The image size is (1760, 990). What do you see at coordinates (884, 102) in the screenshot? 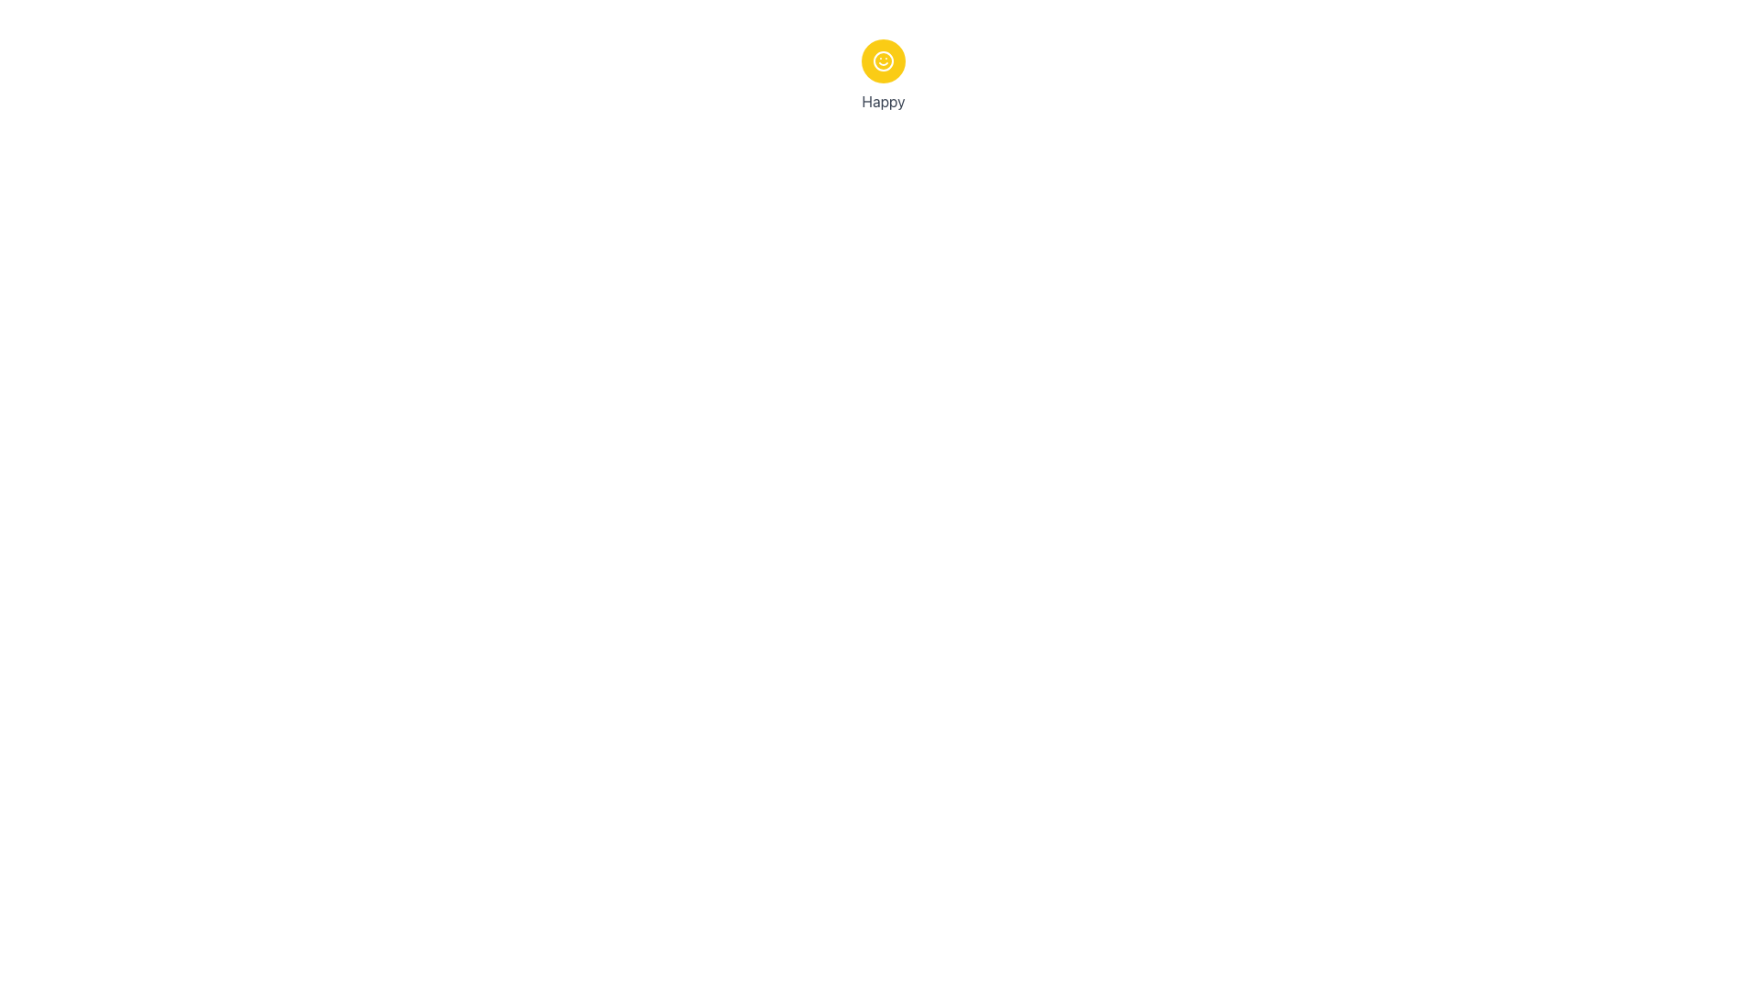
I see `the 'Happy' text label displayed in gray, styled with medium text size, located beneath a yellow circular icon with a smiley face` at bounding box center [884, 102].